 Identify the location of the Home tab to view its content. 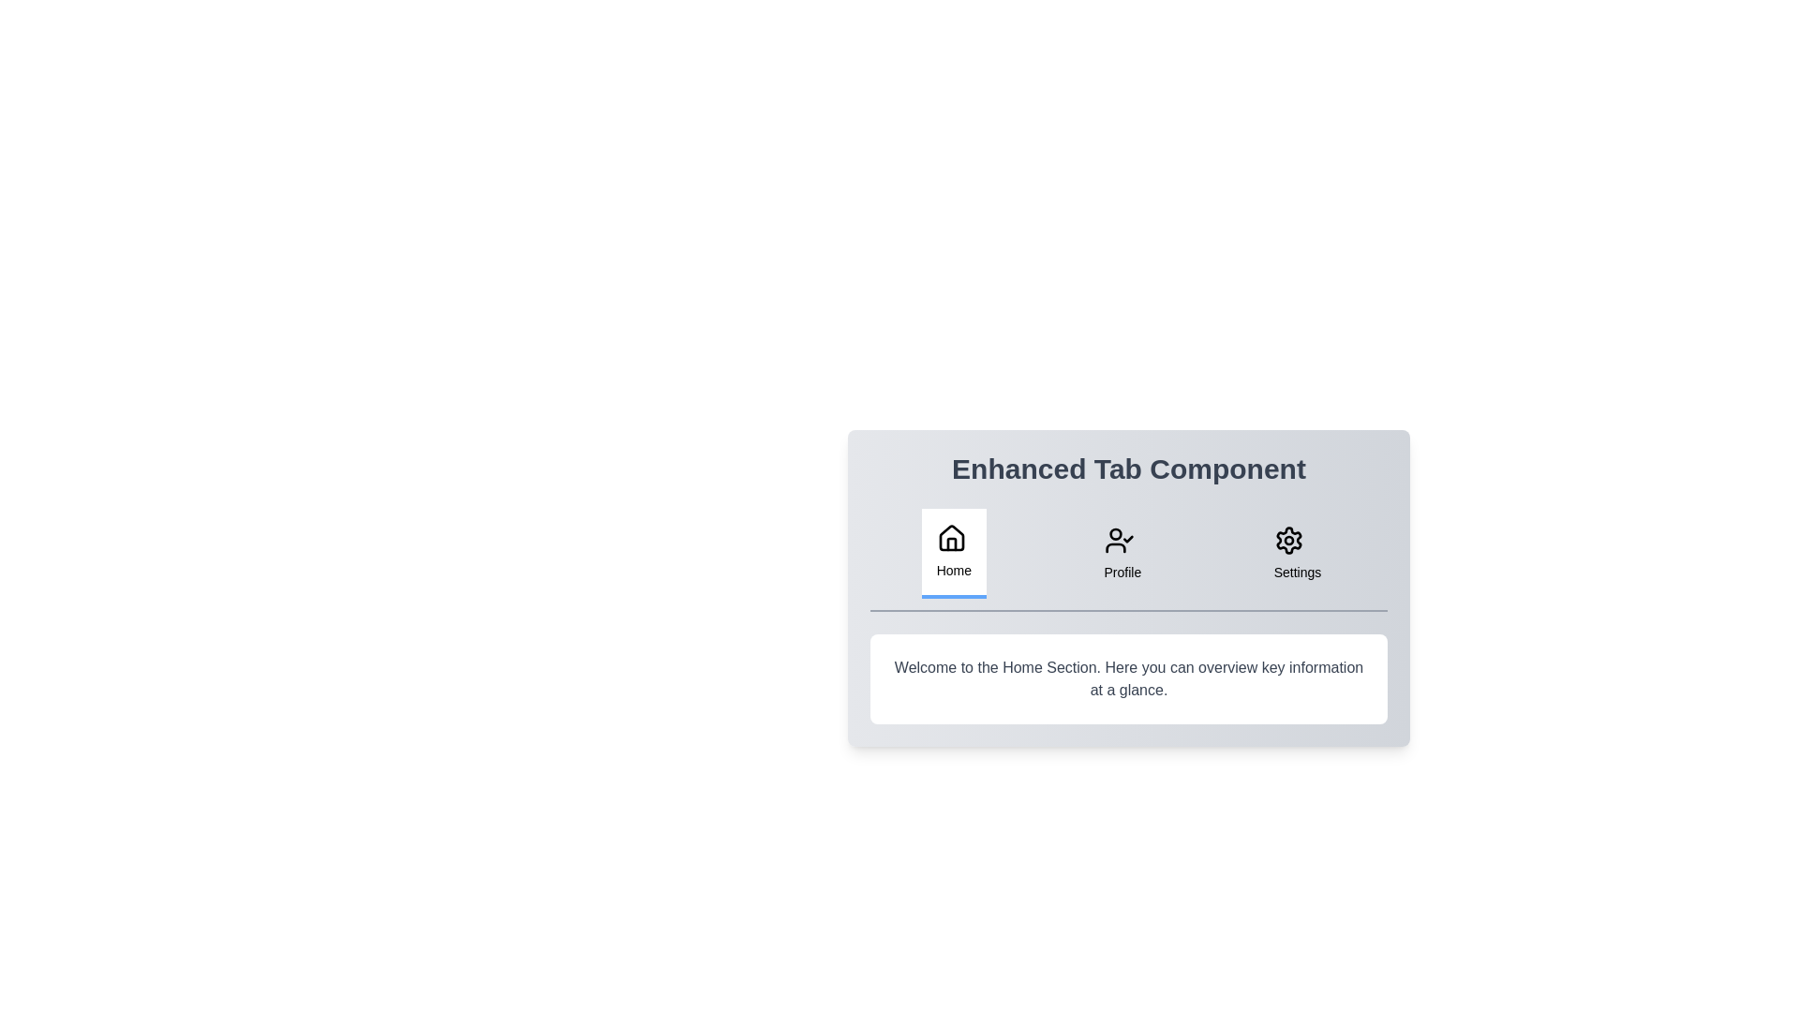
(953, 552).